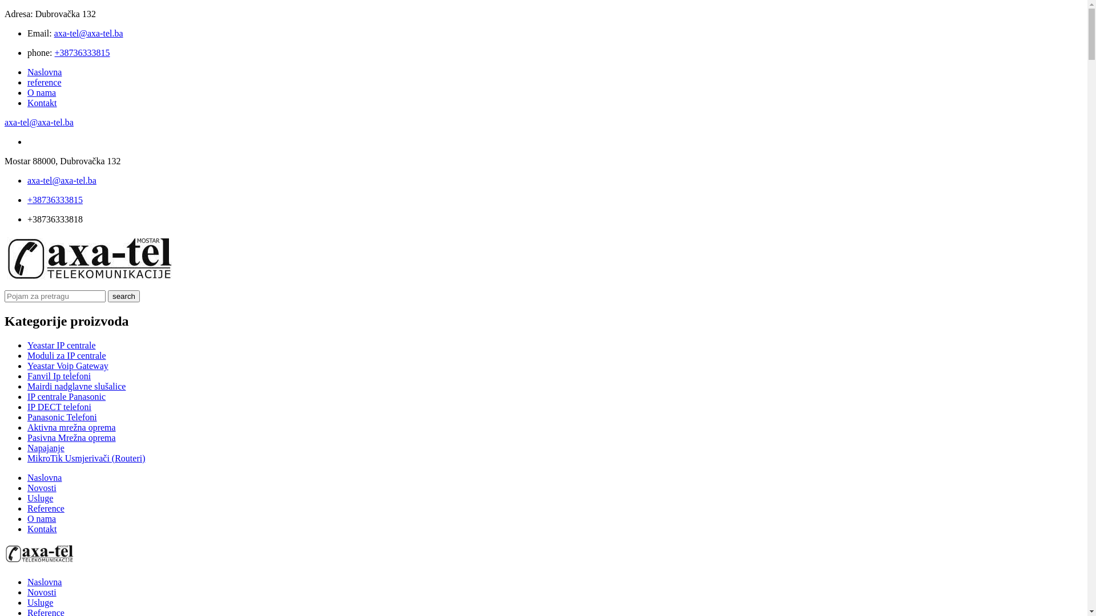 The image size is (1096, 616). What do you see at coordinates (67, 366) in the screenshot?
I see `'Yeastar Voip Gateway'` at bounding box center [67, 366].